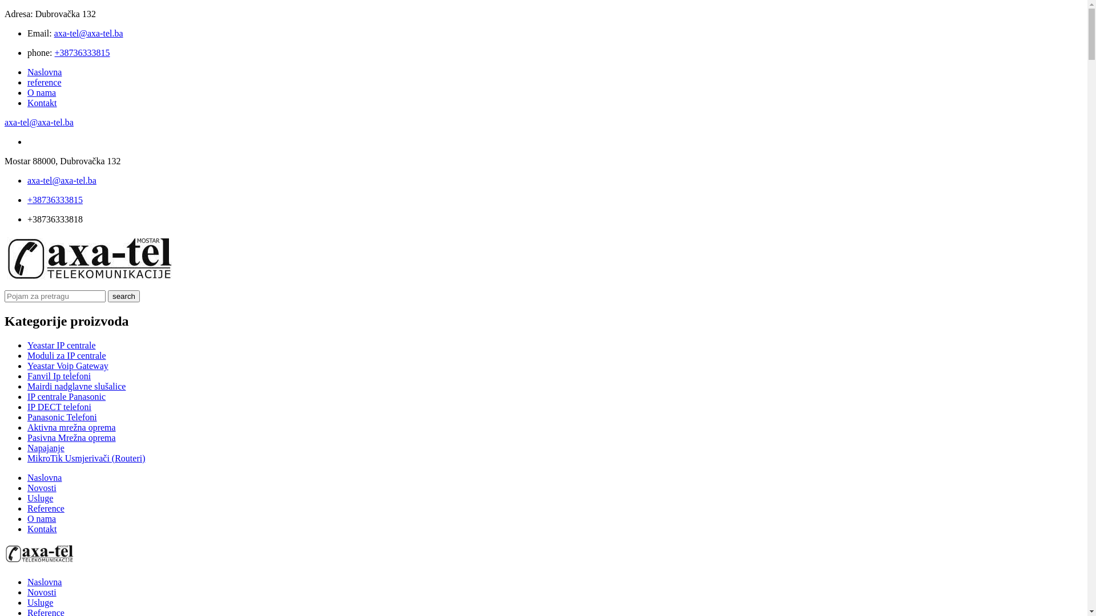 The image size is (1096, 616). What do you see at coordinates (67, 366) in the screenshot?
I see `'Yeastar Voip Gateway'` at bounding box center [67, 366].